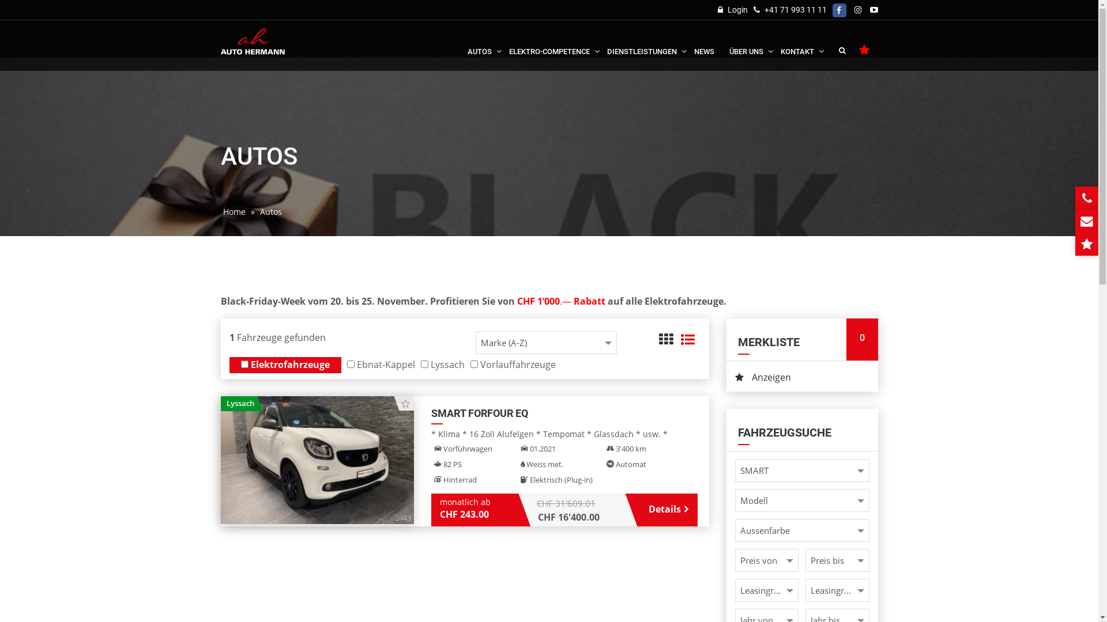  I want to click on 'KONTAKT', so click(798, 43).